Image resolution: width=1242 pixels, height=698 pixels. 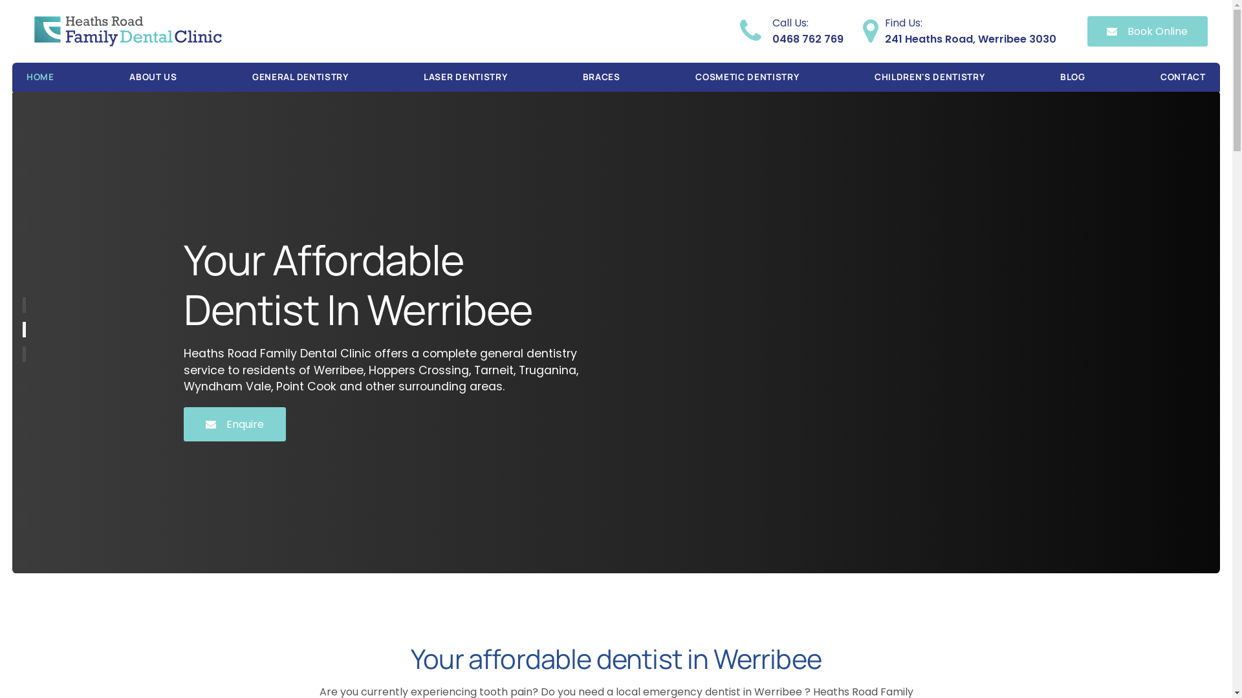 I want to click on 'BRACES', so click(x=601, y=77).